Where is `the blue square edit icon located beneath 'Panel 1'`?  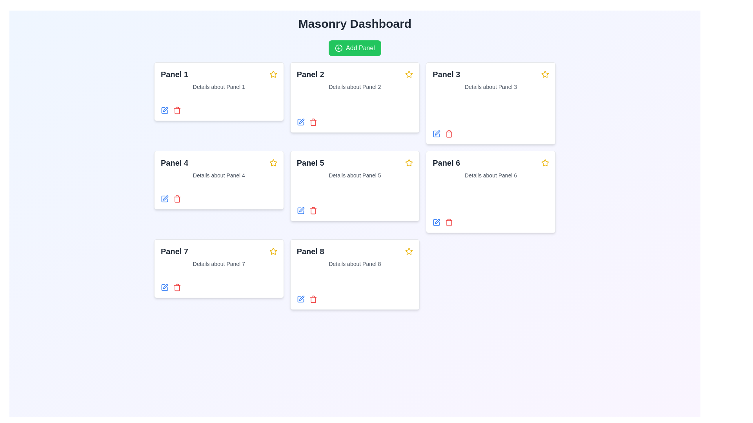
the blue square edit icon located beneath 'Panel 1' is located at coordinates (164, 199).